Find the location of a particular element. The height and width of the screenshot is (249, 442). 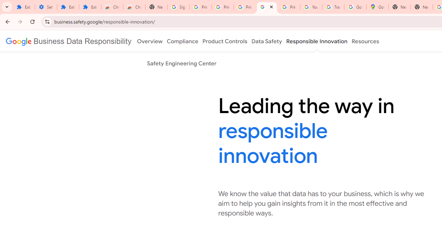

'Extensions' is located at coordinates (68, 7).